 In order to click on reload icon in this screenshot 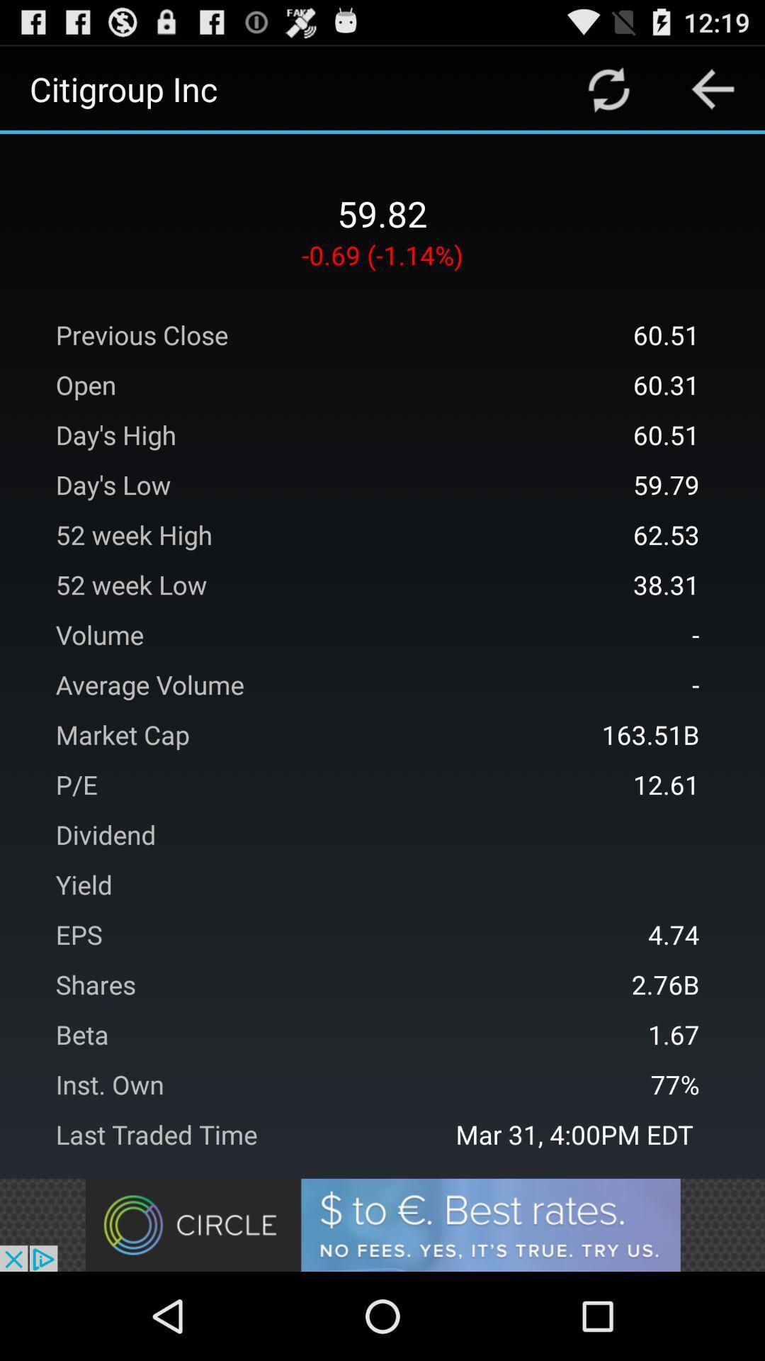, I will do `click(608, 88)`.